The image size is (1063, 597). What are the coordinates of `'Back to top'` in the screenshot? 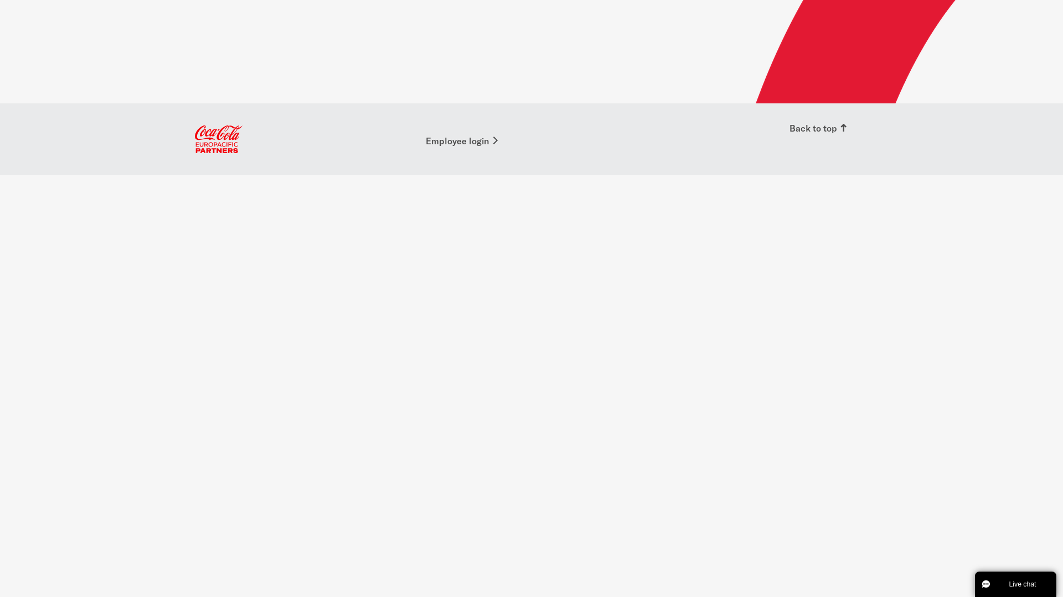 It's located at (818, 128).